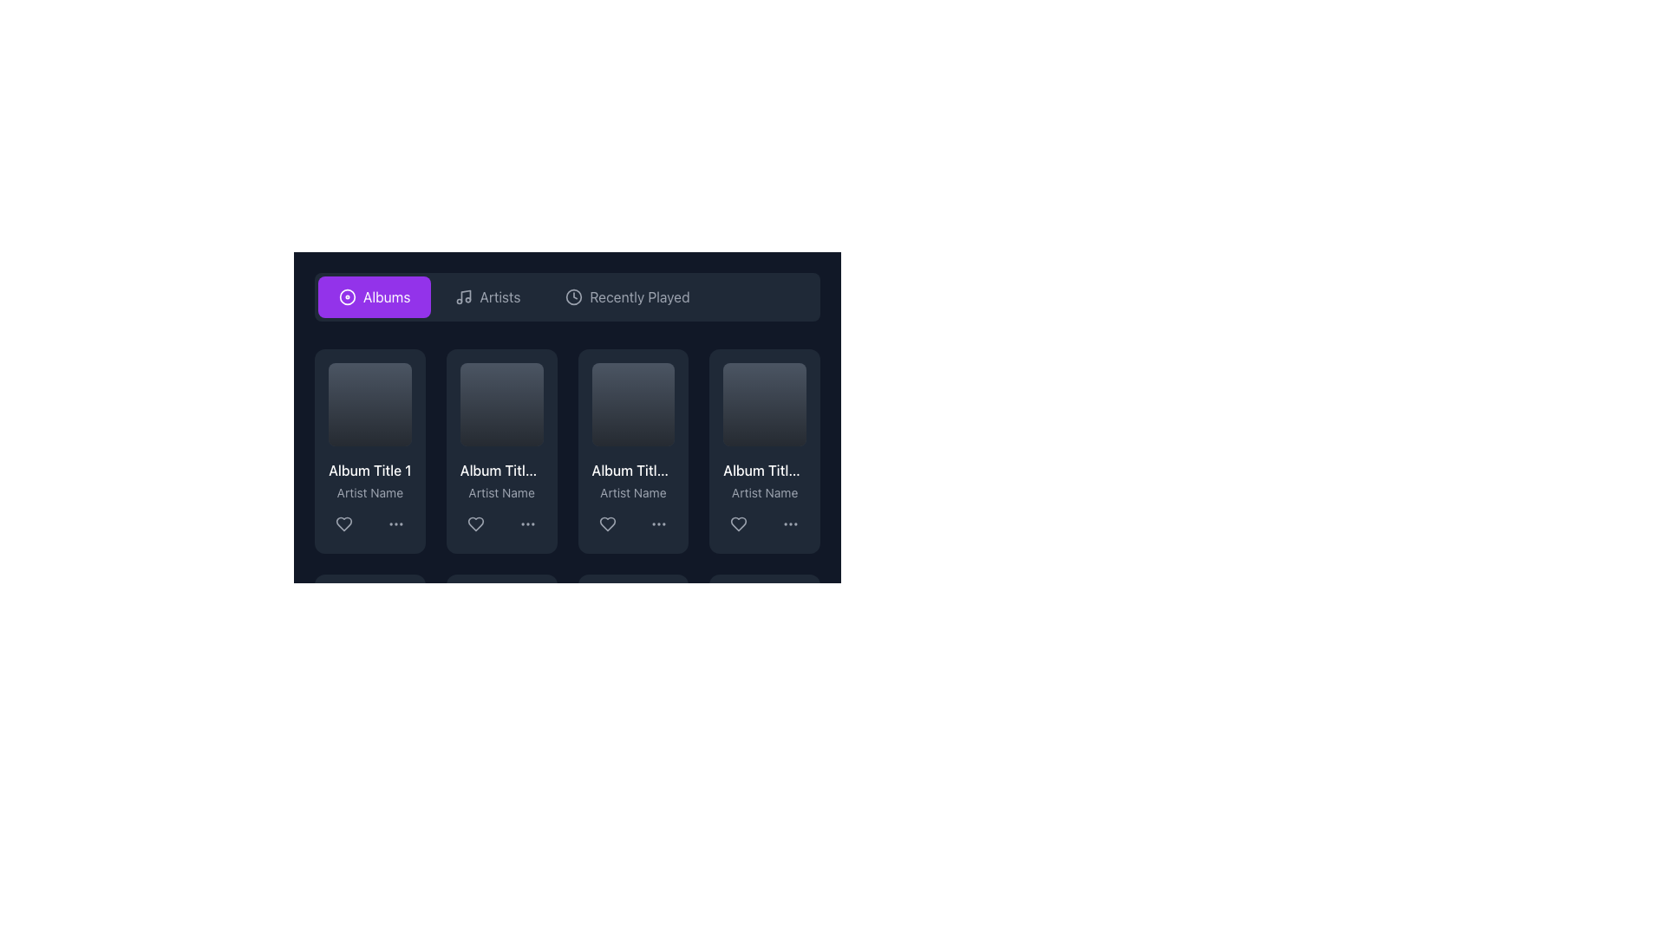 The image size is (1665, 936). Describe the element at coordinates (344, 523) in the screenshot. I see `the heart-shaped icon button` at that location.